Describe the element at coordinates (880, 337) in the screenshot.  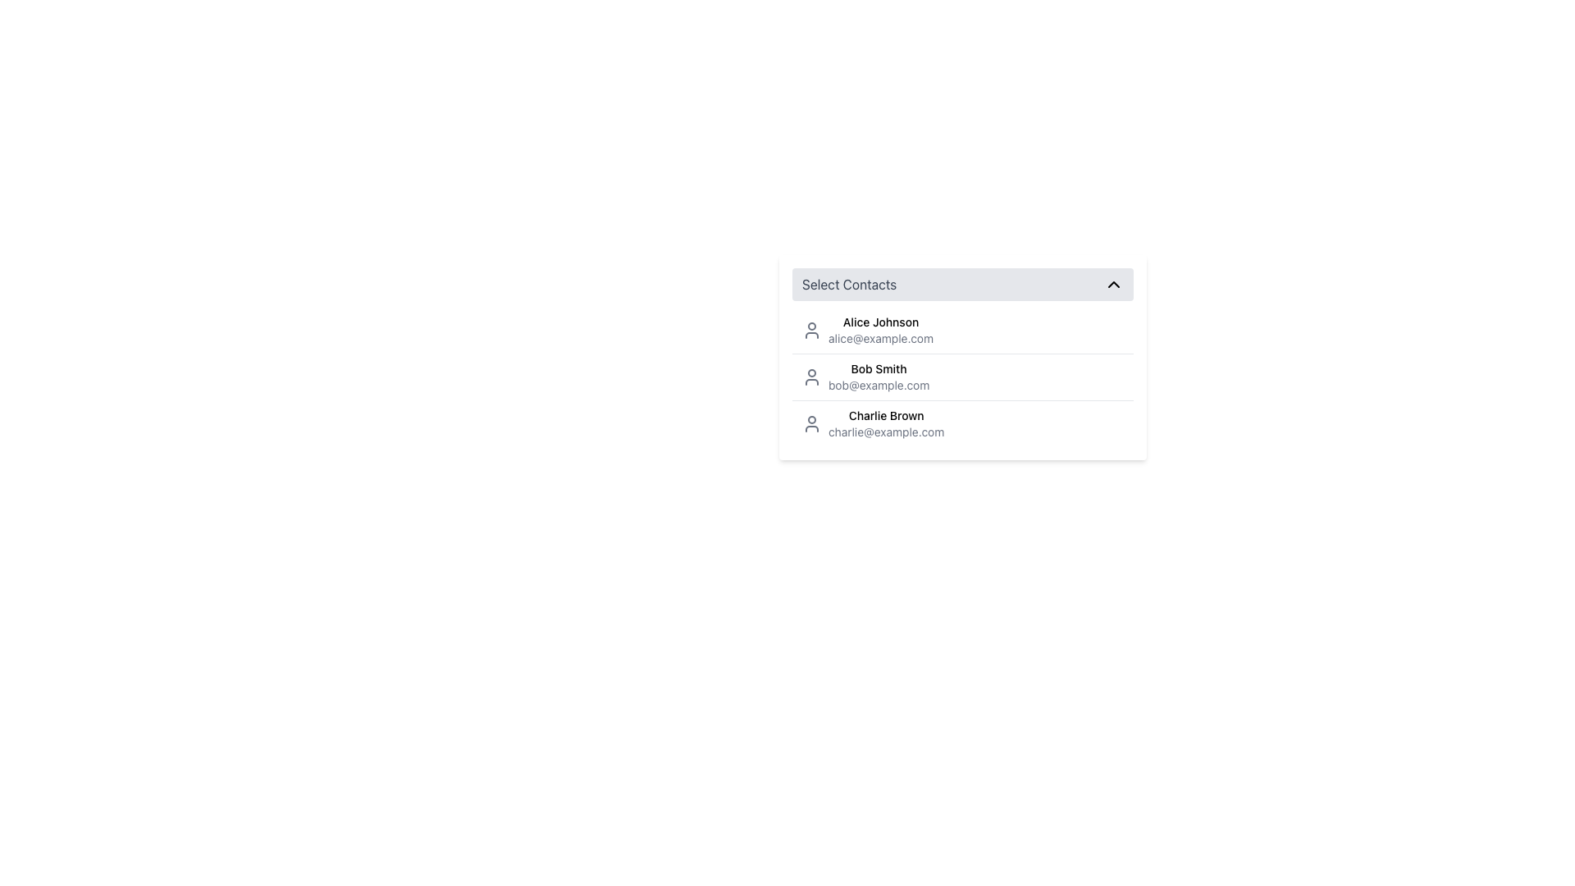
I see `the text label that provides the contact email information for 'Alice Johnson', which is located below the name in the contact list` at that location.